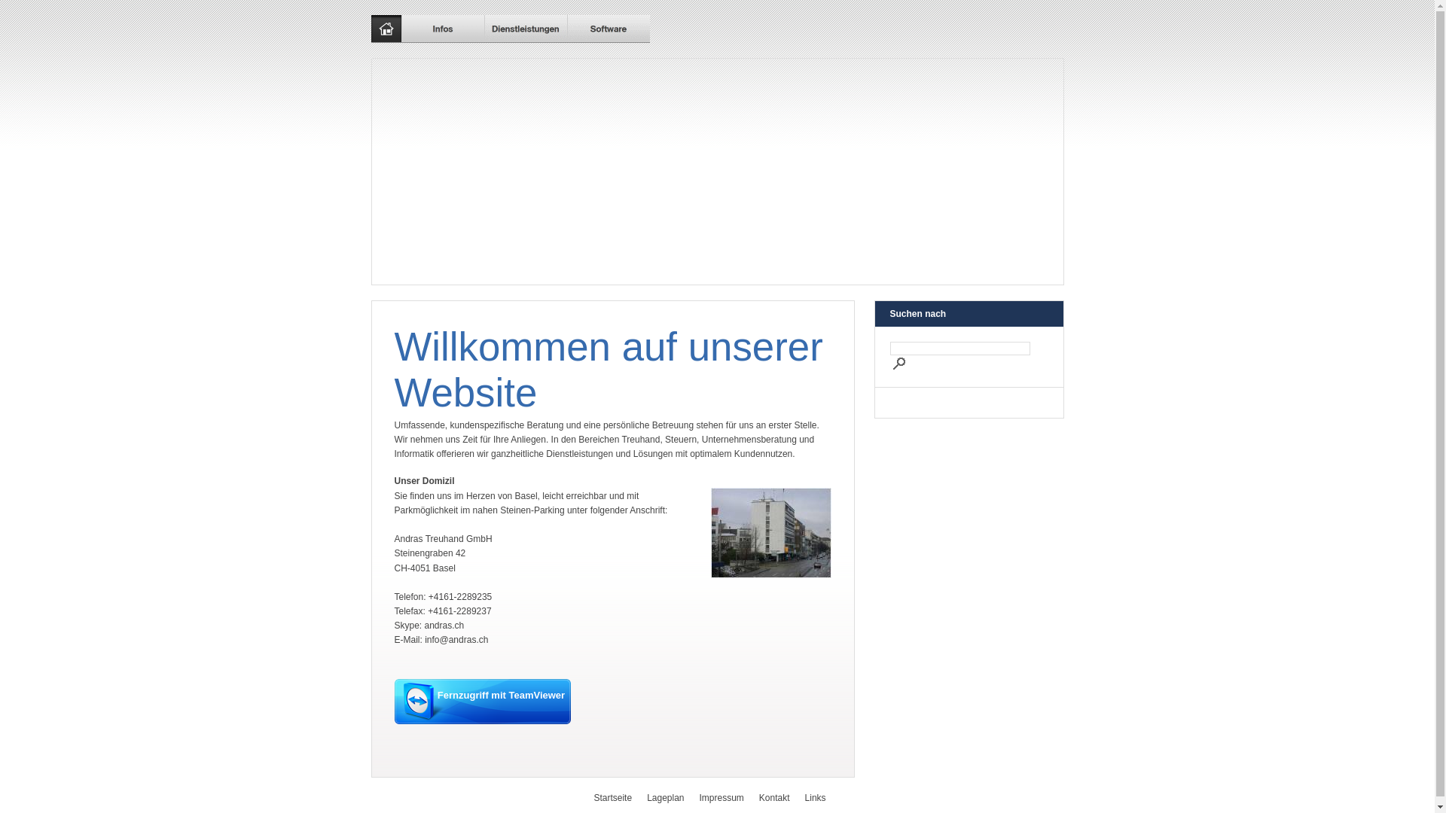 The image size is (1446, 813). What do you see at coordinates (483, 702) in the screenshot?
I see `'Remote Support mit TeamViewer'` at bounding box center [483, 702].